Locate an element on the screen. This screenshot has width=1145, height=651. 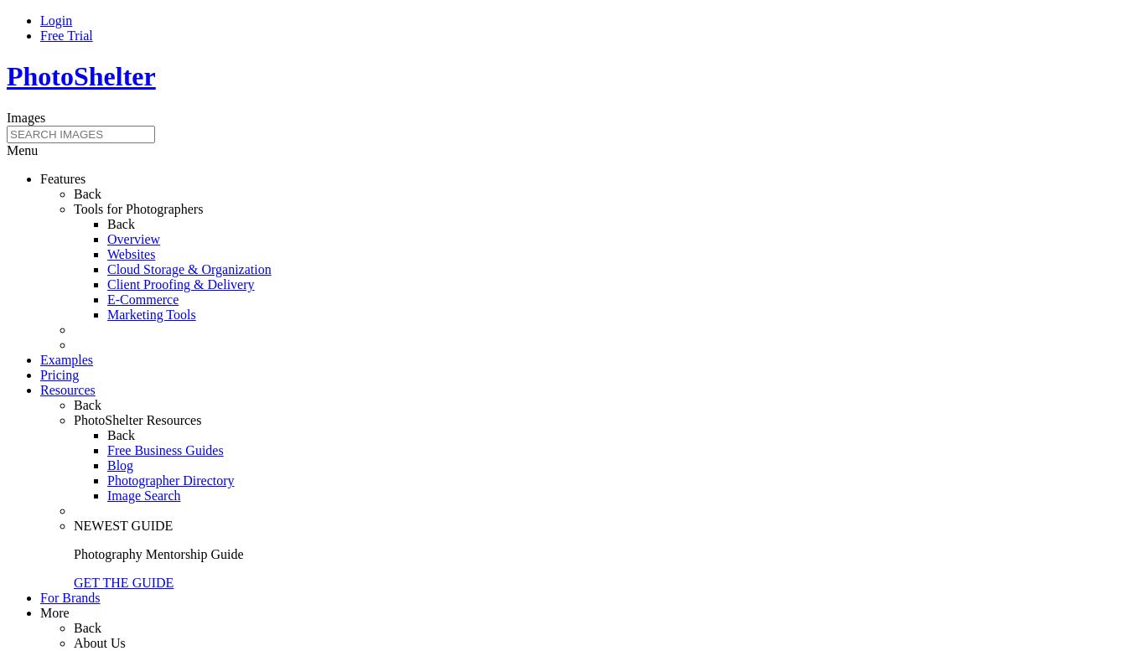
'Free Business Guides' is located at coordinates (163, 448).